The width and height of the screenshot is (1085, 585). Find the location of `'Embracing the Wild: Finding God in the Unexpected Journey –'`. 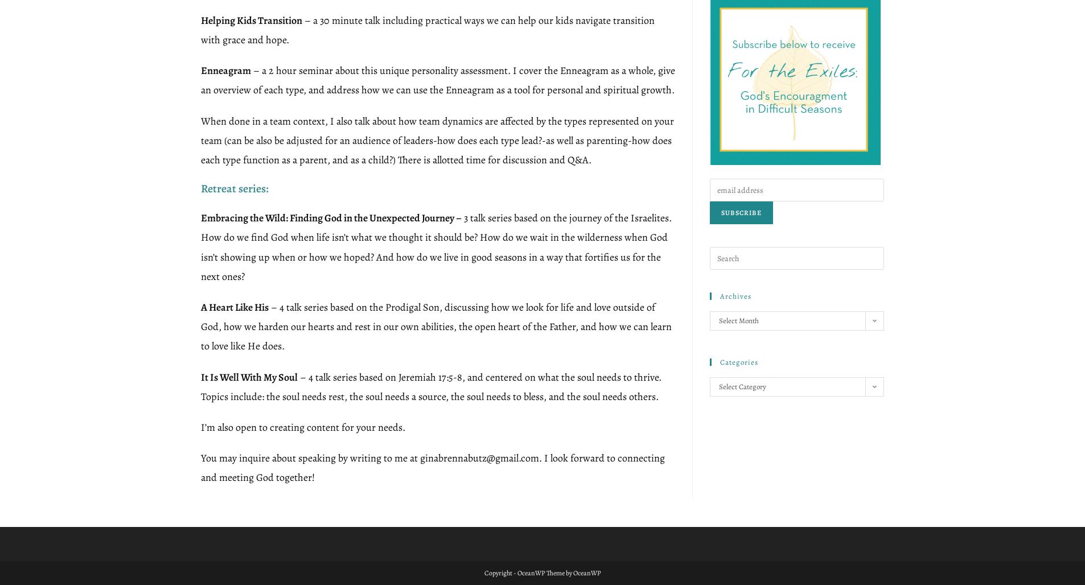

'Embracing the Wild: Finding God in the Unexpected Journey –' is located at coordinates (331, 217).